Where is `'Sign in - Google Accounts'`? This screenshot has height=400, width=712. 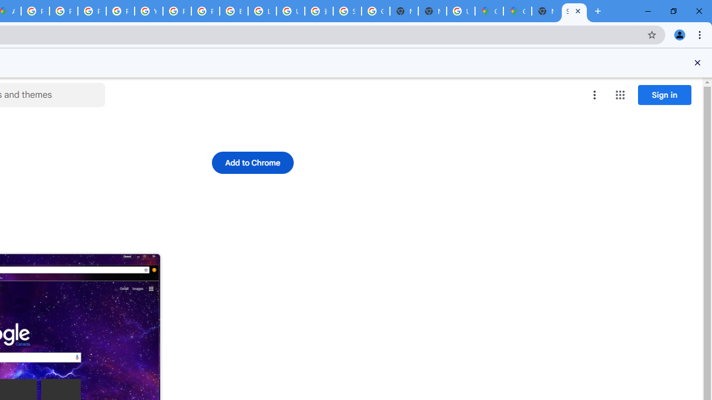
'Sign in - Google Accounts' is located at coordinates (347, 11).